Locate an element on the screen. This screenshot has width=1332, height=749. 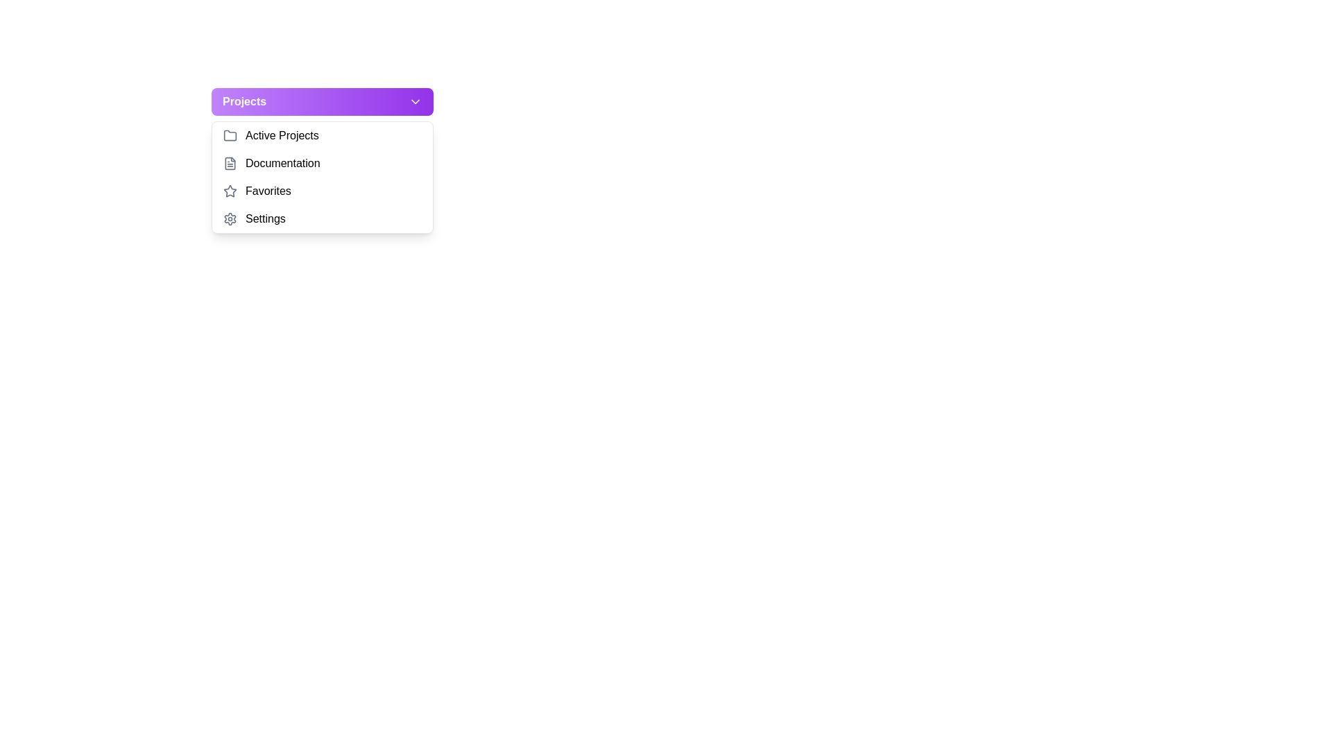
the 'Favorites' menu item located as the third item in the dropdown menu, positioned between 'Documentation' and 'Settings', to trigger effects is located at coordinates (322, 191).